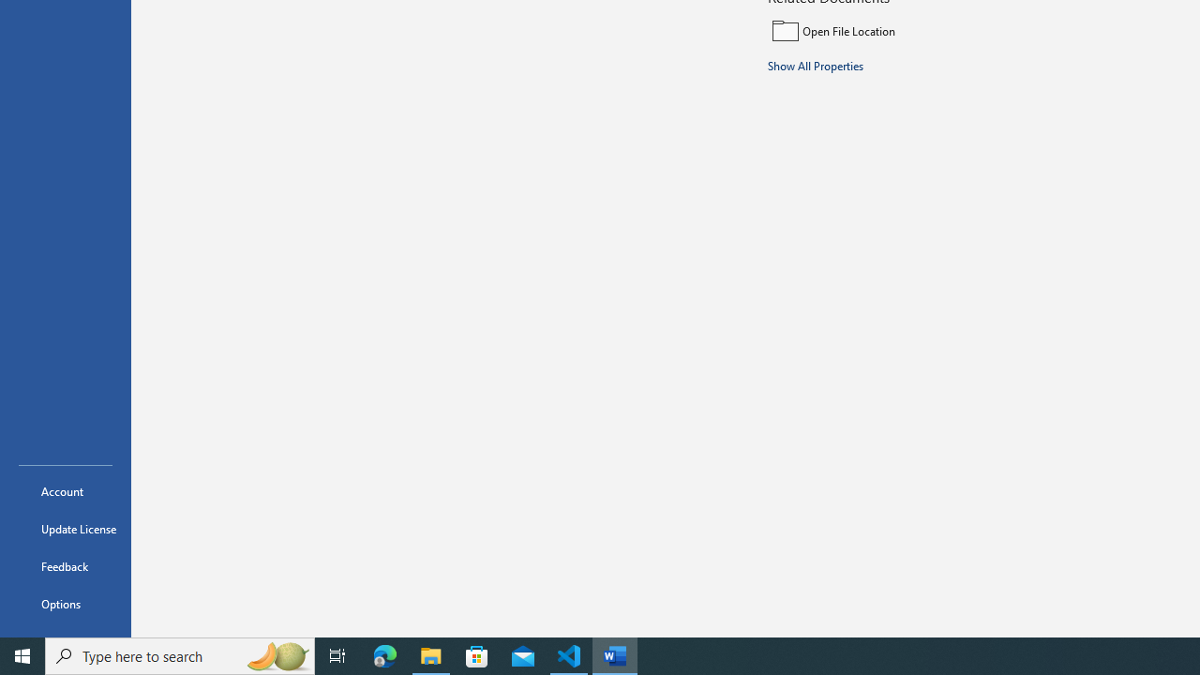 The image size is (1200, 675). Describe the element at coordinates (65, 604) in the screenshot. I see `'Options'` at that location.